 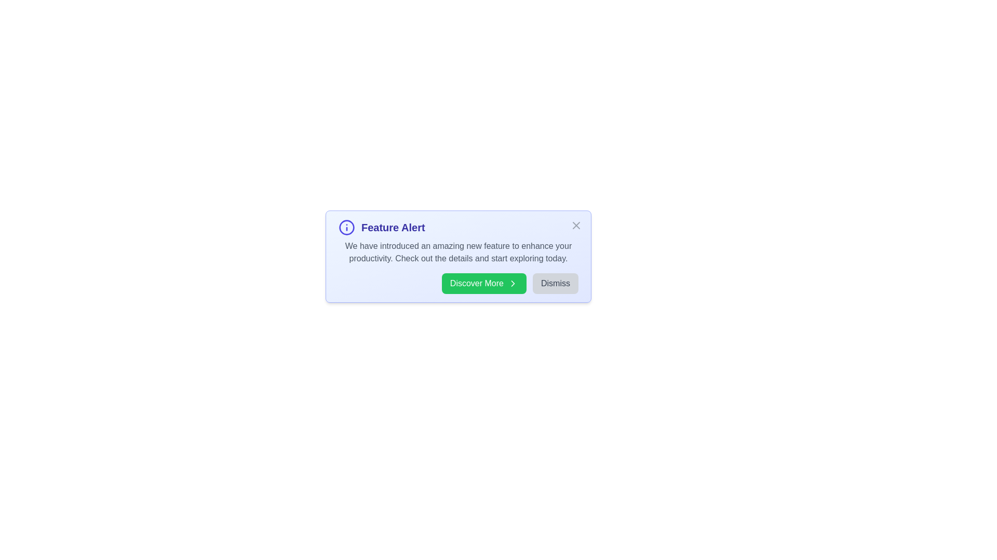 I want to click on the 'Discover More' button to see the hover effect, so click(x=483, y=284).